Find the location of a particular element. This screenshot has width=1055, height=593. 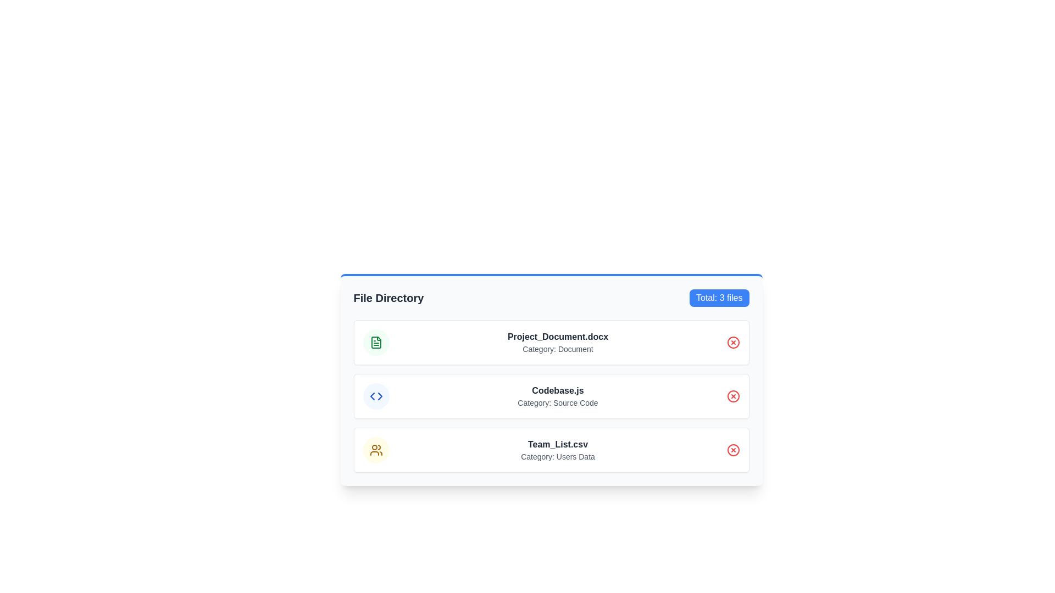

the circular icon with a light blue background and blue border that resembles a code symbol, located to the left of the 'Codebase.js' entry in the list is located at coordinates (376, 396).